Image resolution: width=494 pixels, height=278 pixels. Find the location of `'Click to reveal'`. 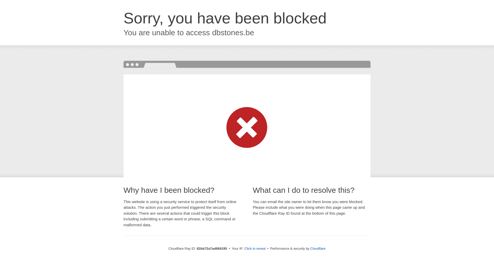

'Click to reveal' is located at coordinates (255, 248).